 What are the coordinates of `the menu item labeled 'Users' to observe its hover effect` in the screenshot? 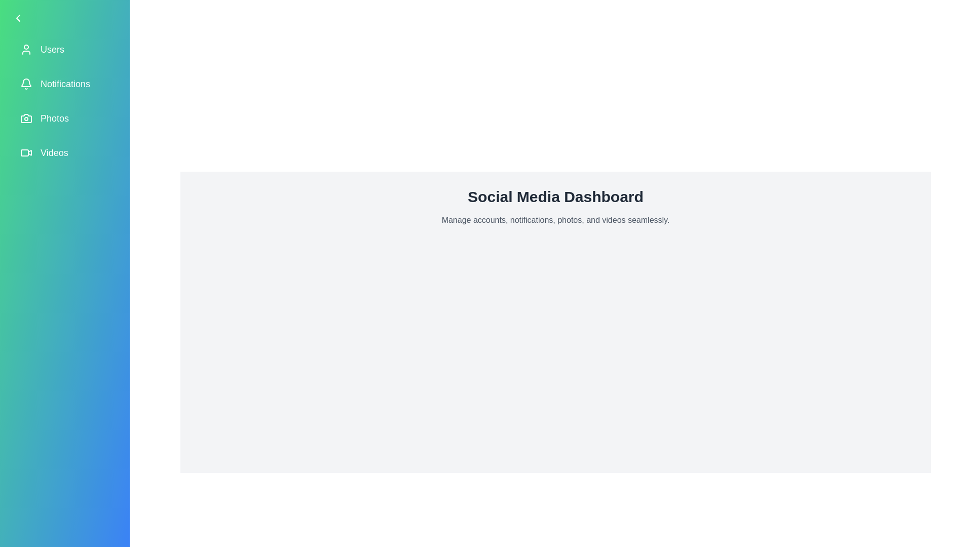 It's located at (64, 49).